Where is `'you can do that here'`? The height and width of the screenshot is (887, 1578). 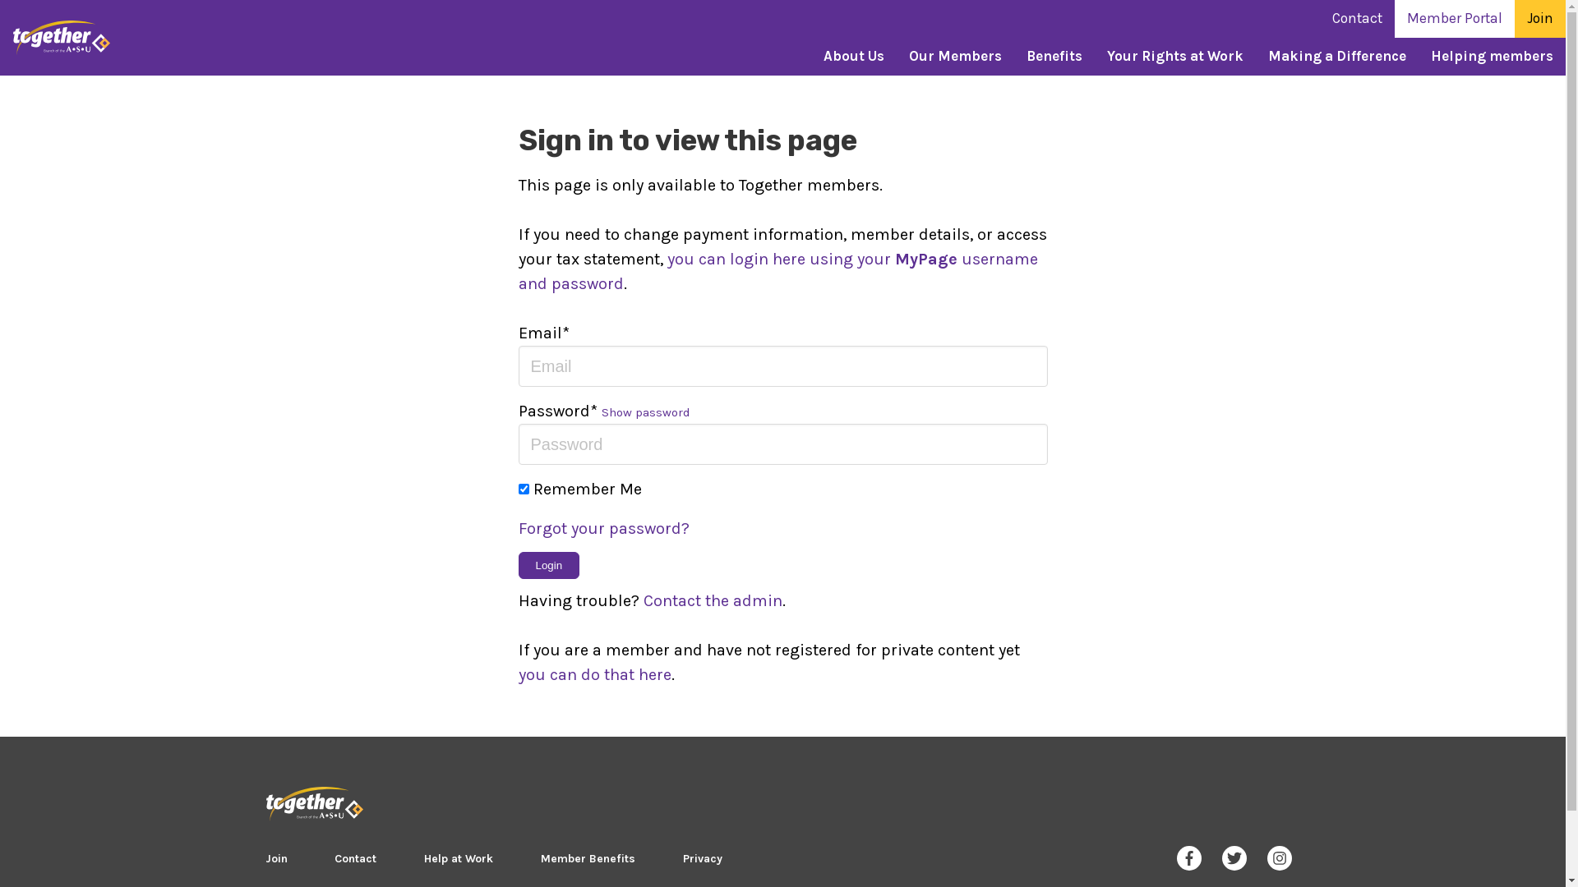
'you can do that here' is located at coordinates (516, 674).